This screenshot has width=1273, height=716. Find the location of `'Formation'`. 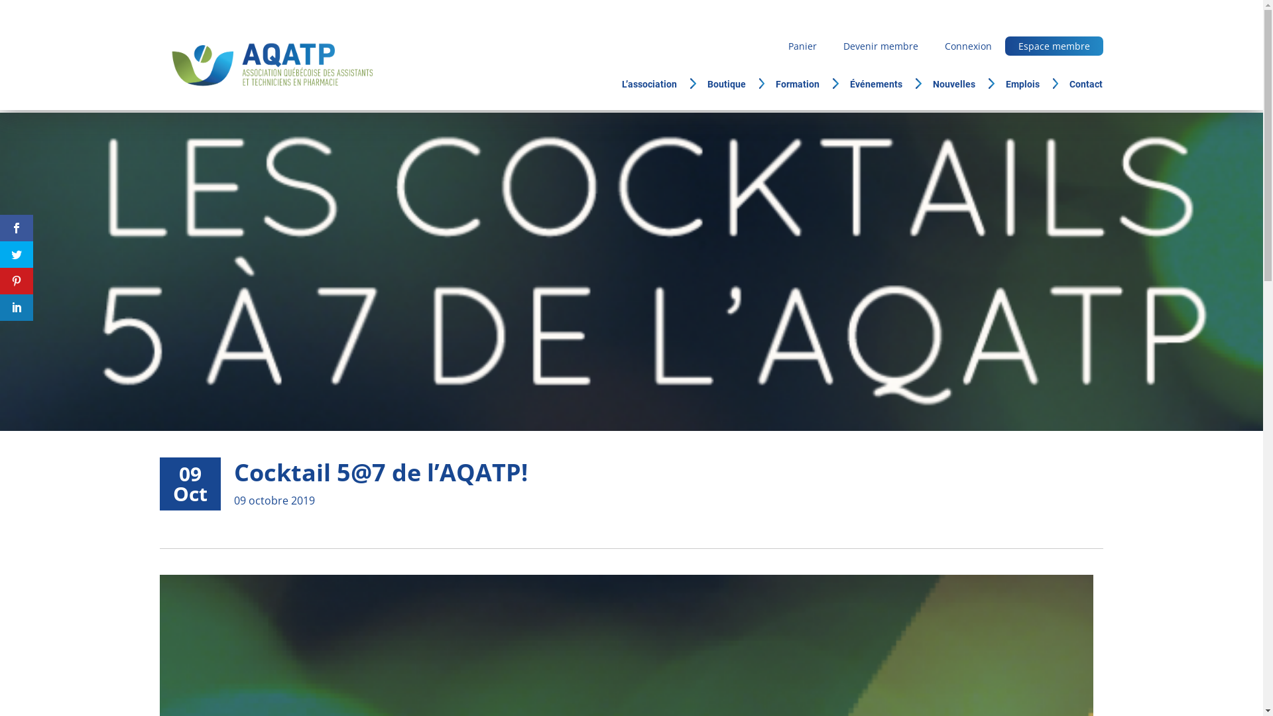

'Formation' is located at coordinates (806, 84).